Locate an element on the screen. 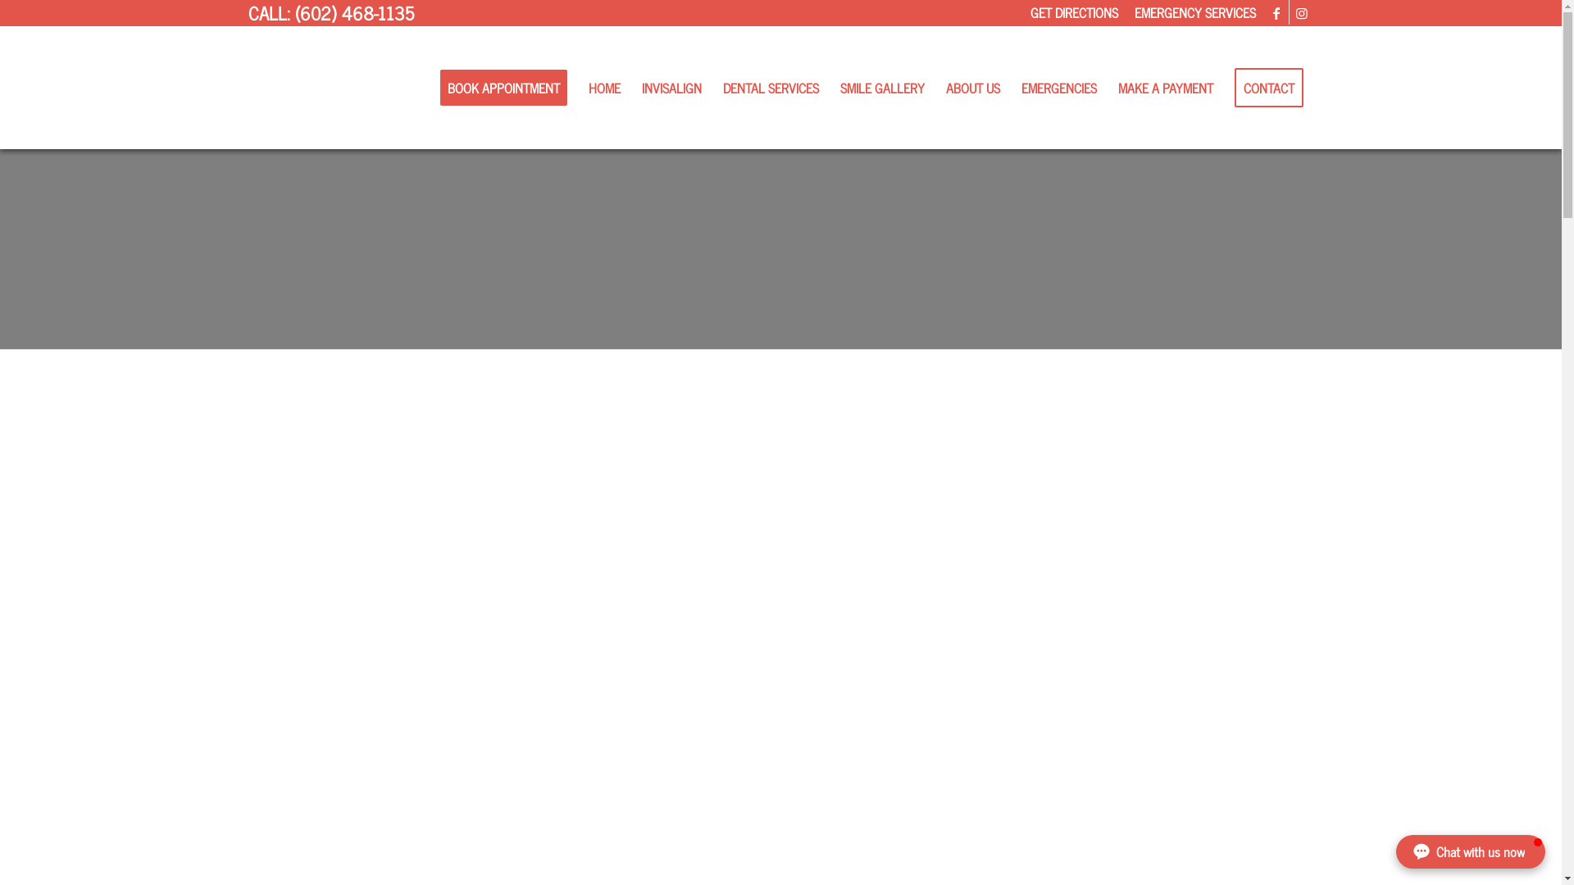  'Chat with us now' is located at coordinates (1471, 851).